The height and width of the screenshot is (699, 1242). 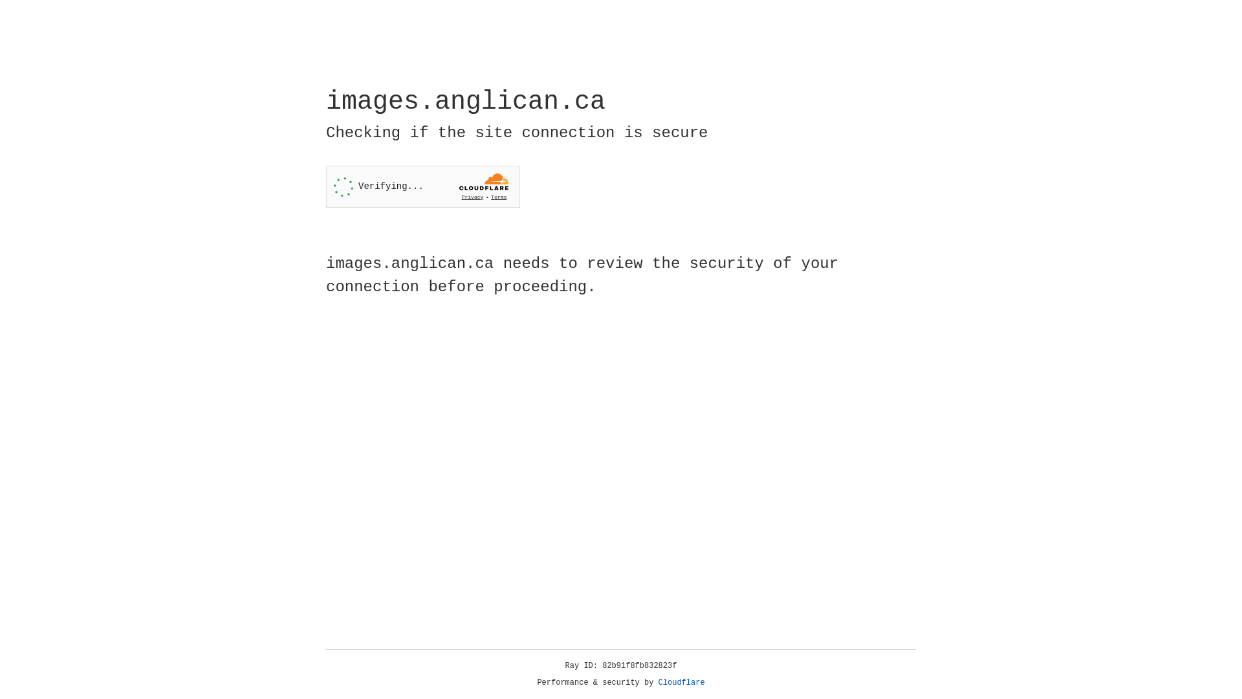 I want to click on 'Cloudflare', so click(x=681, y=682).